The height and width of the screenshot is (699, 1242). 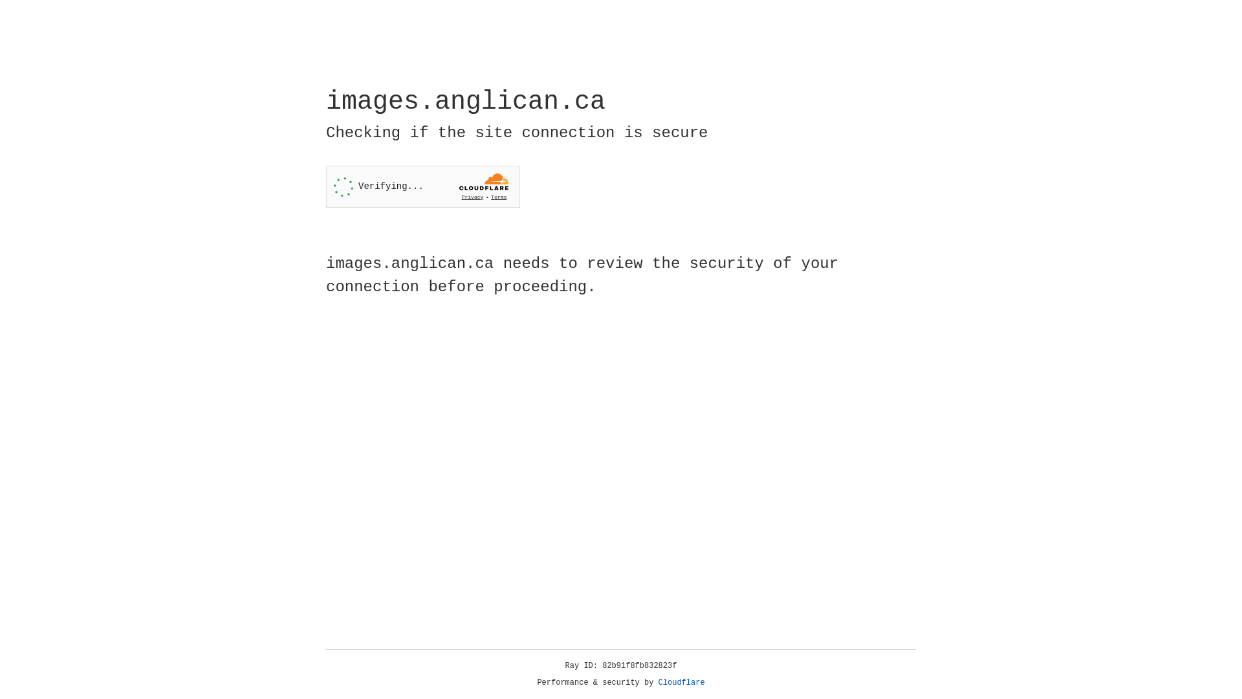 I want to click on 'Cloudflare', so click(x=681, y=682).